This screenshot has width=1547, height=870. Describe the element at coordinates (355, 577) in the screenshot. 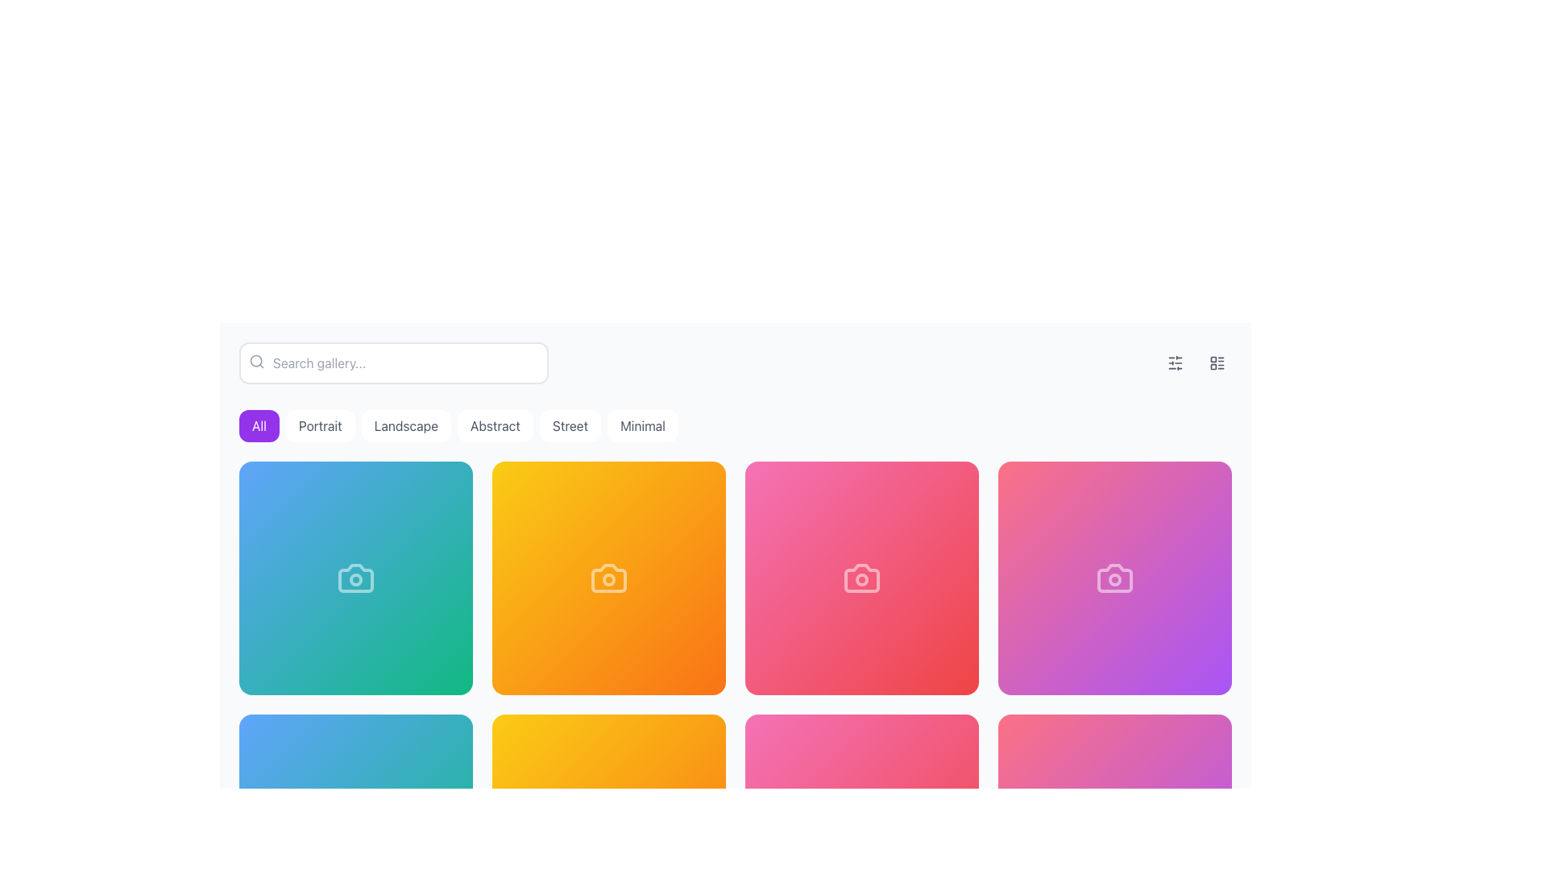

I see `the first grid item with an embedded icon` at that location.